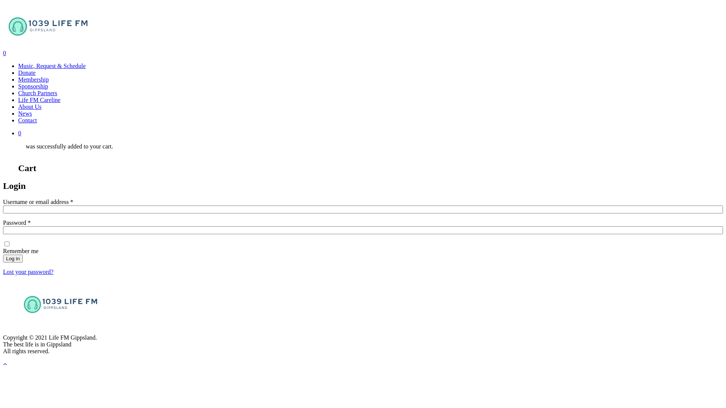 The height and width of the screenshot is (408, 726). What do you see at coordinates (33, 79) in the screenshot?
I see `'Membership'` at bounding box center [33, 79].